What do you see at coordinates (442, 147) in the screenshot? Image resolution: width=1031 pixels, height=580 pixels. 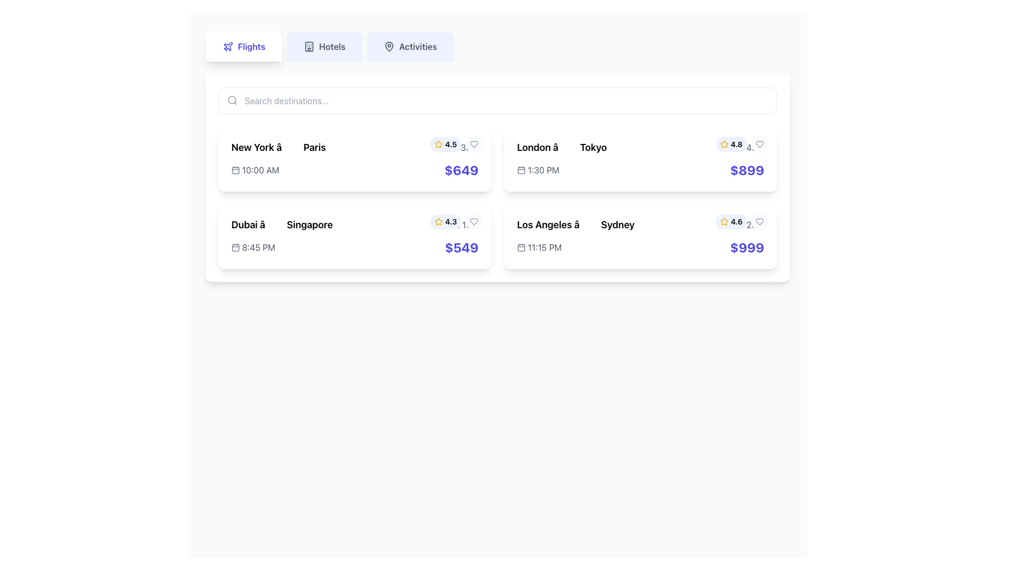 I see `the SVG circle located within the clock icon at the top left of the flight listing card from New York to Paris` at bounding box center [442, 147].